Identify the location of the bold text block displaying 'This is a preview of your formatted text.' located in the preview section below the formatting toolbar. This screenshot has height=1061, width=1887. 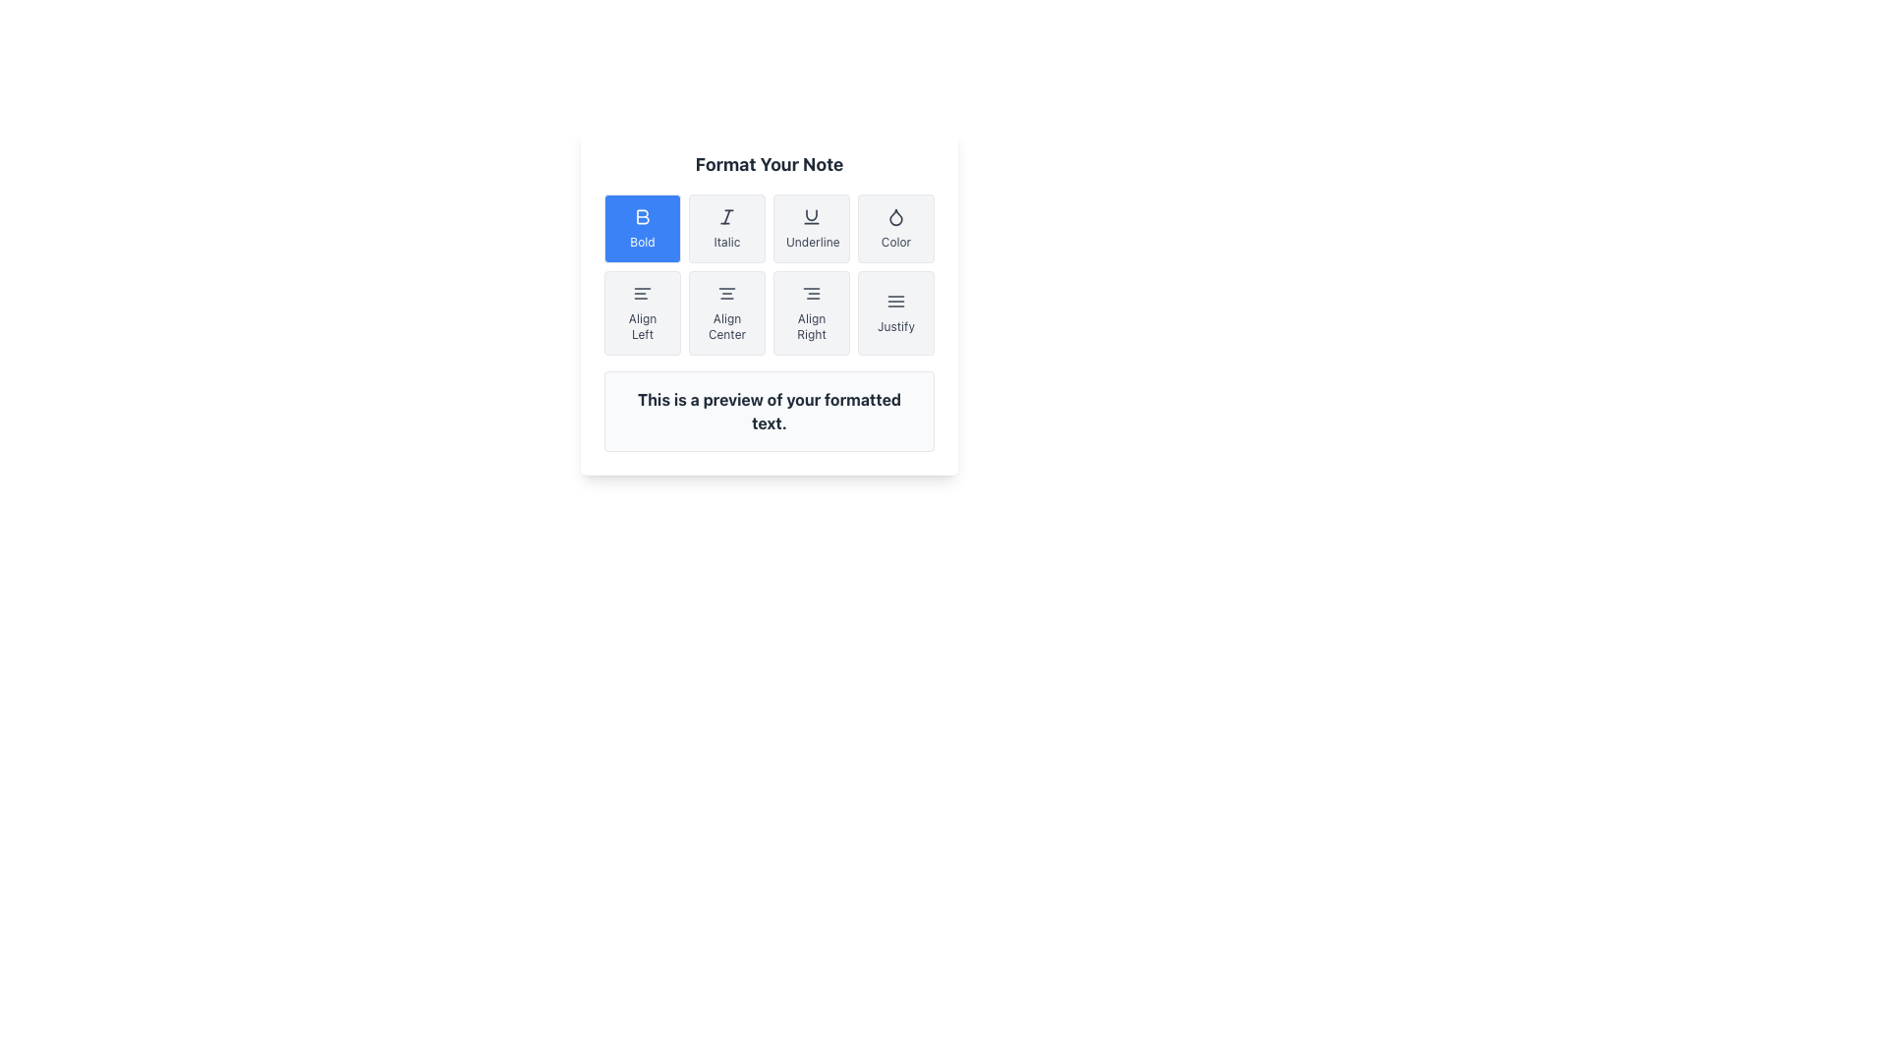
(768, 411).